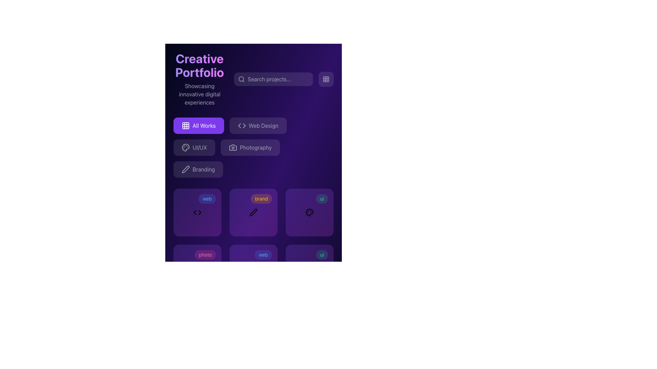  What do you see at coordinates (199, 212) in the screenshot?
I see `the triangular right arrow icon in the SVG graphic to interact with it` at bounding box center [199, 212].